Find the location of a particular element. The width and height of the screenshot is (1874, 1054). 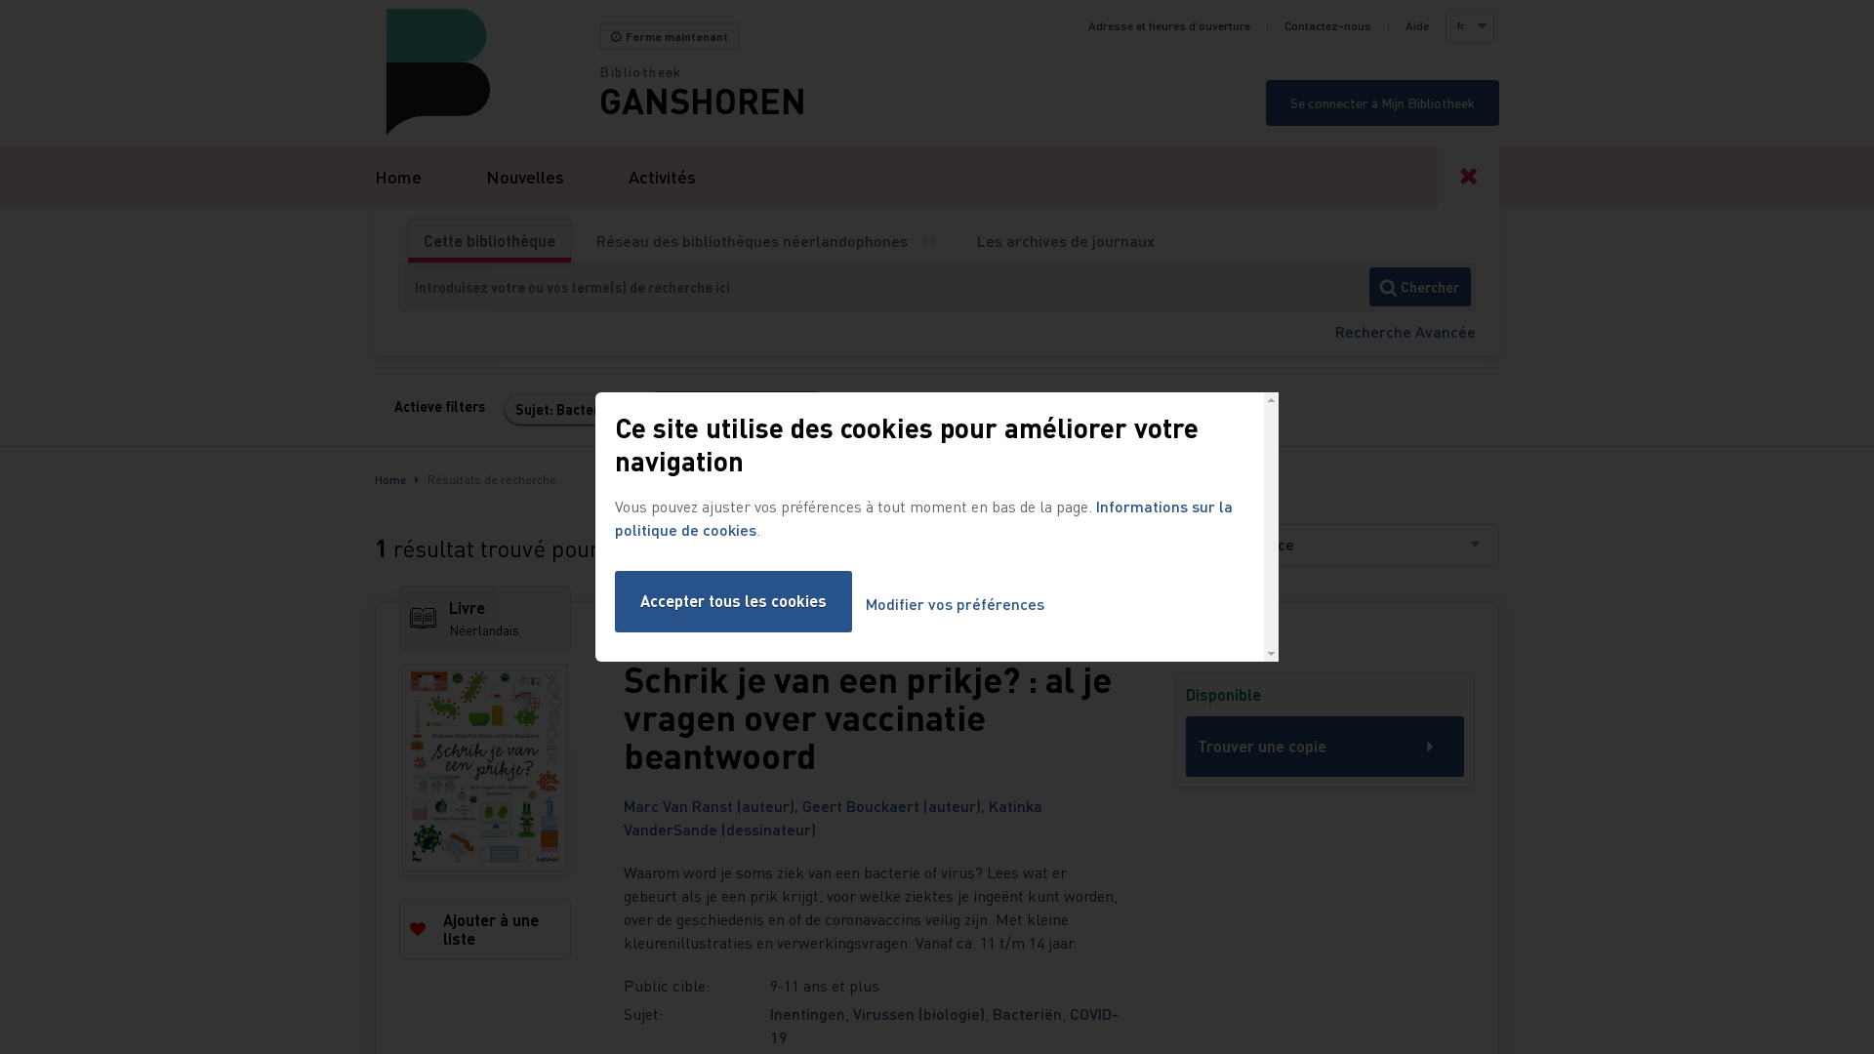

'fr' is located at coordinates (1467, 26).